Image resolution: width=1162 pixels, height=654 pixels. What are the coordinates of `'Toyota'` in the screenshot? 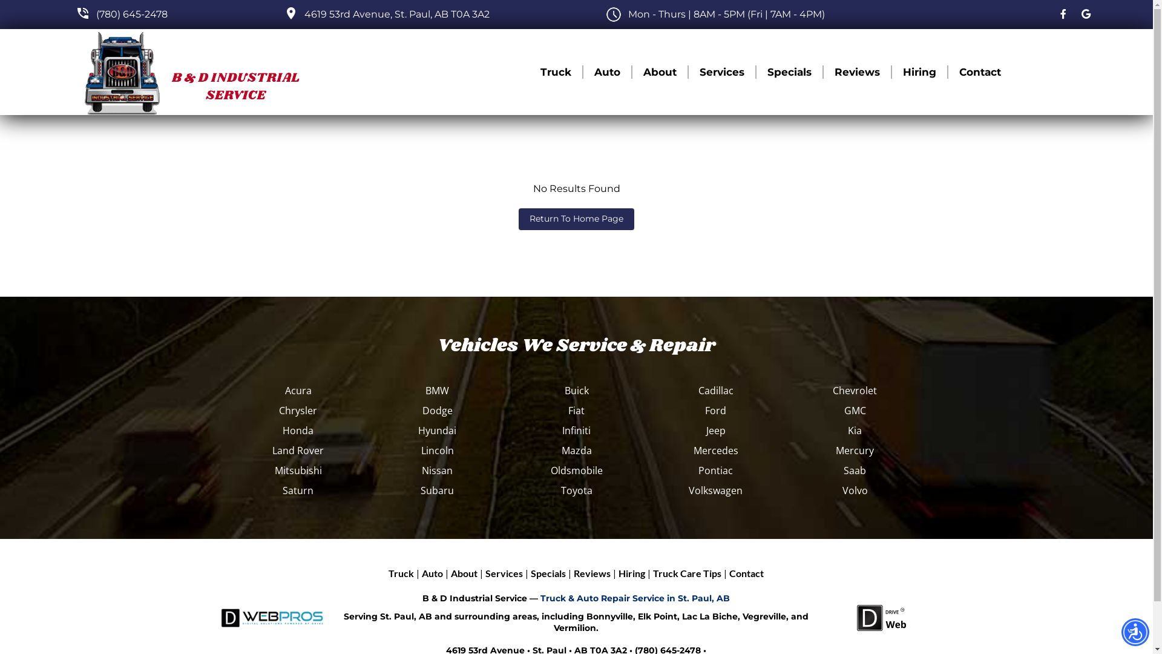 It's located at (576, 490).